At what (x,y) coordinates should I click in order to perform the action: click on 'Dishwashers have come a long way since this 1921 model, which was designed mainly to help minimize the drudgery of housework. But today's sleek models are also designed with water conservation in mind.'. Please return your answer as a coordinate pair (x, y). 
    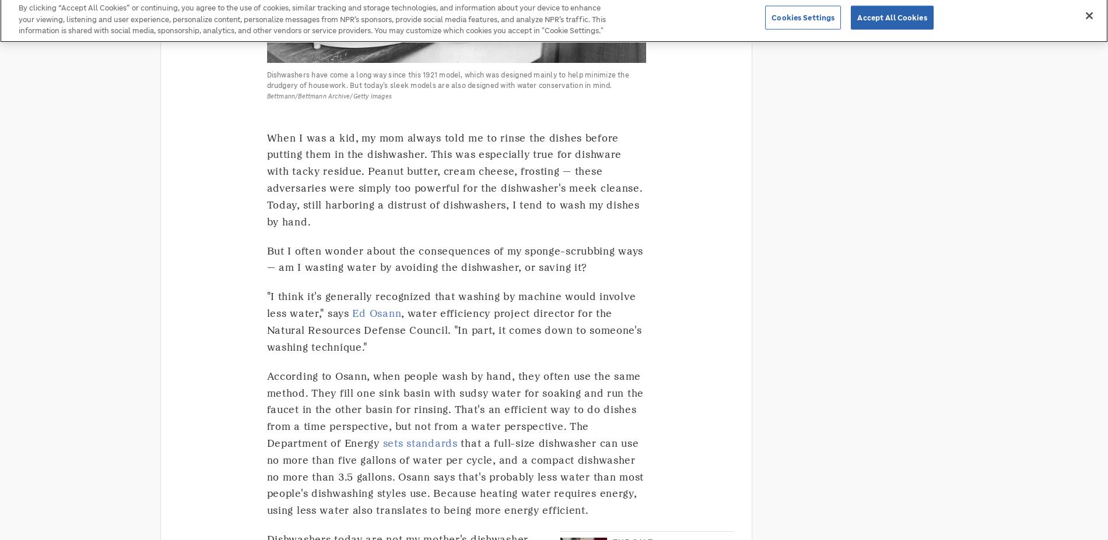
    Looking at the image, I should click on (265, 79).